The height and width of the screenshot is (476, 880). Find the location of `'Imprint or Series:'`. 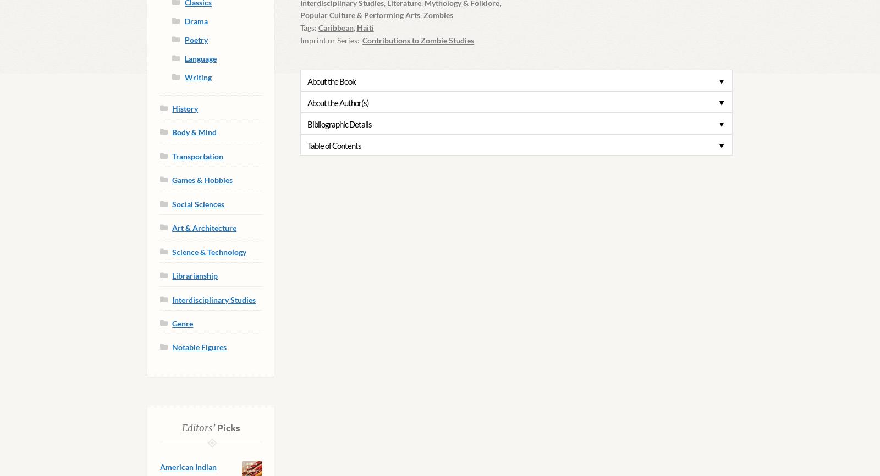

'Imprint or Series:' is located at coordinates (299, 40).